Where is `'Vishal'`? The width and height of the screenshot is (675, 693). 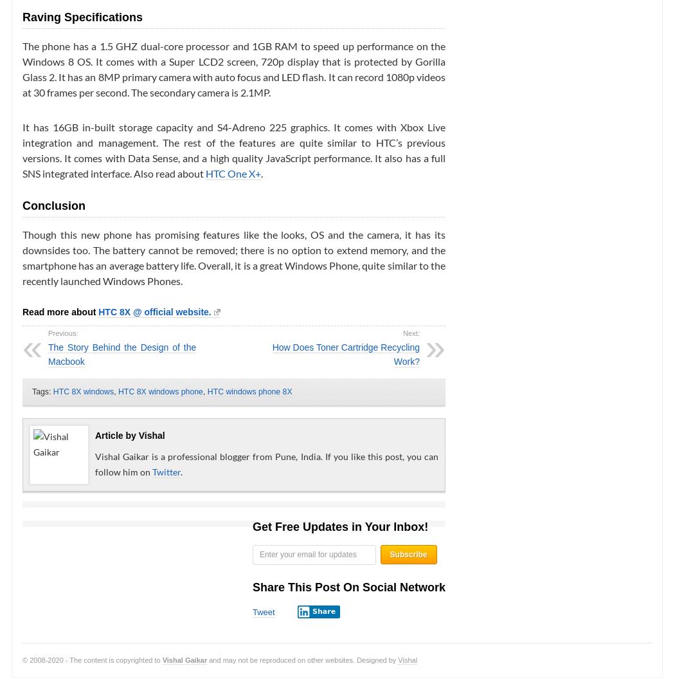
'Vishal' is located at coordinates (407, 658).